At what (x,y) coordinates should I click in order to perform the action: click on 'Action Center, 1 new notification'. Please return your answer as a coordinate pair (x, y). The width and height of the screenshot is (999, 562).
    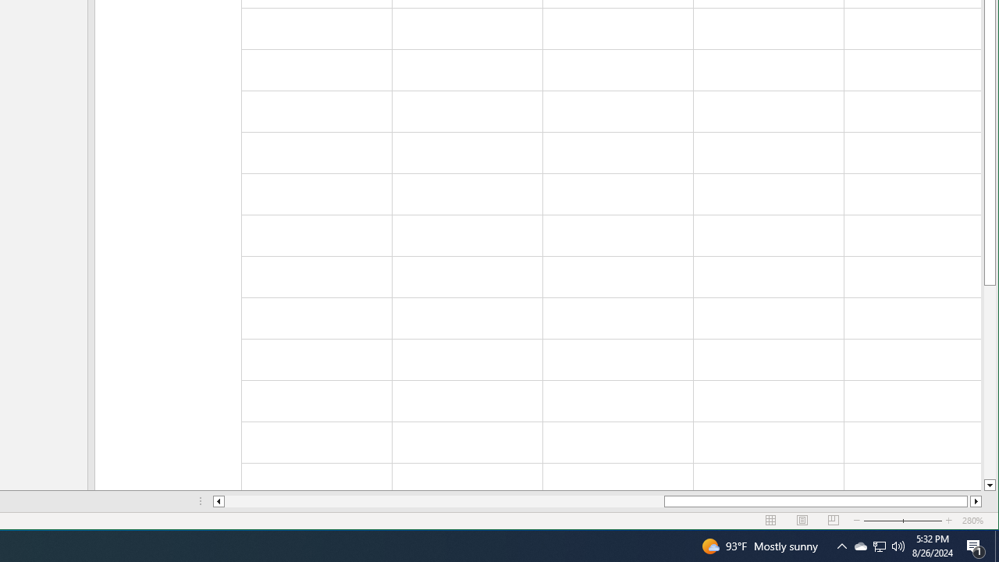
    Looking at the image, I should click on (976, 545).